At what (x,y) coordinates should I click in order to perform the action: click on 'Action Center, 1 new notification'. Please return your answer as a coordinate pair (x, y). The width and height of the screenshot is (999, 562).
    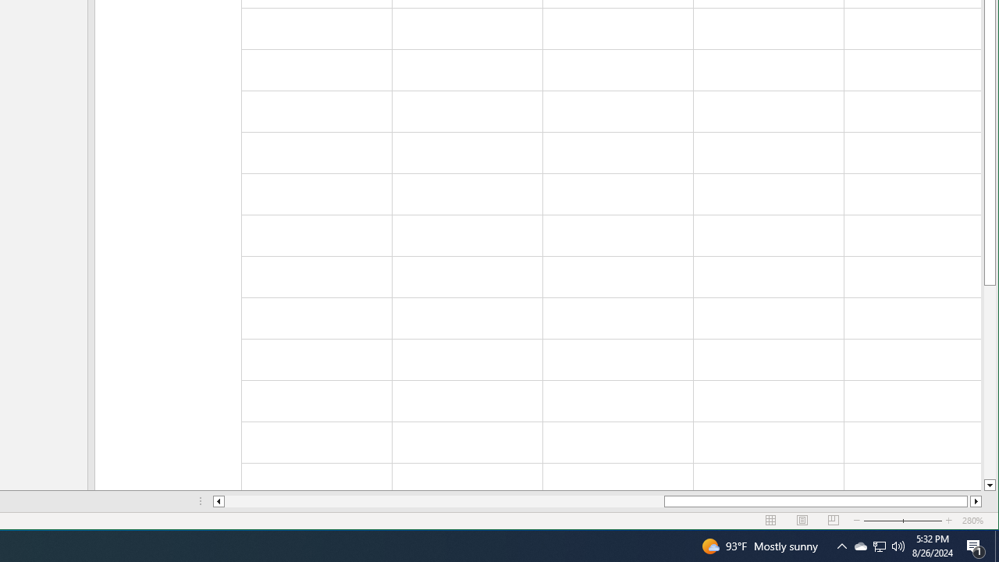
    Looking at the image, I should click on (976, 545).